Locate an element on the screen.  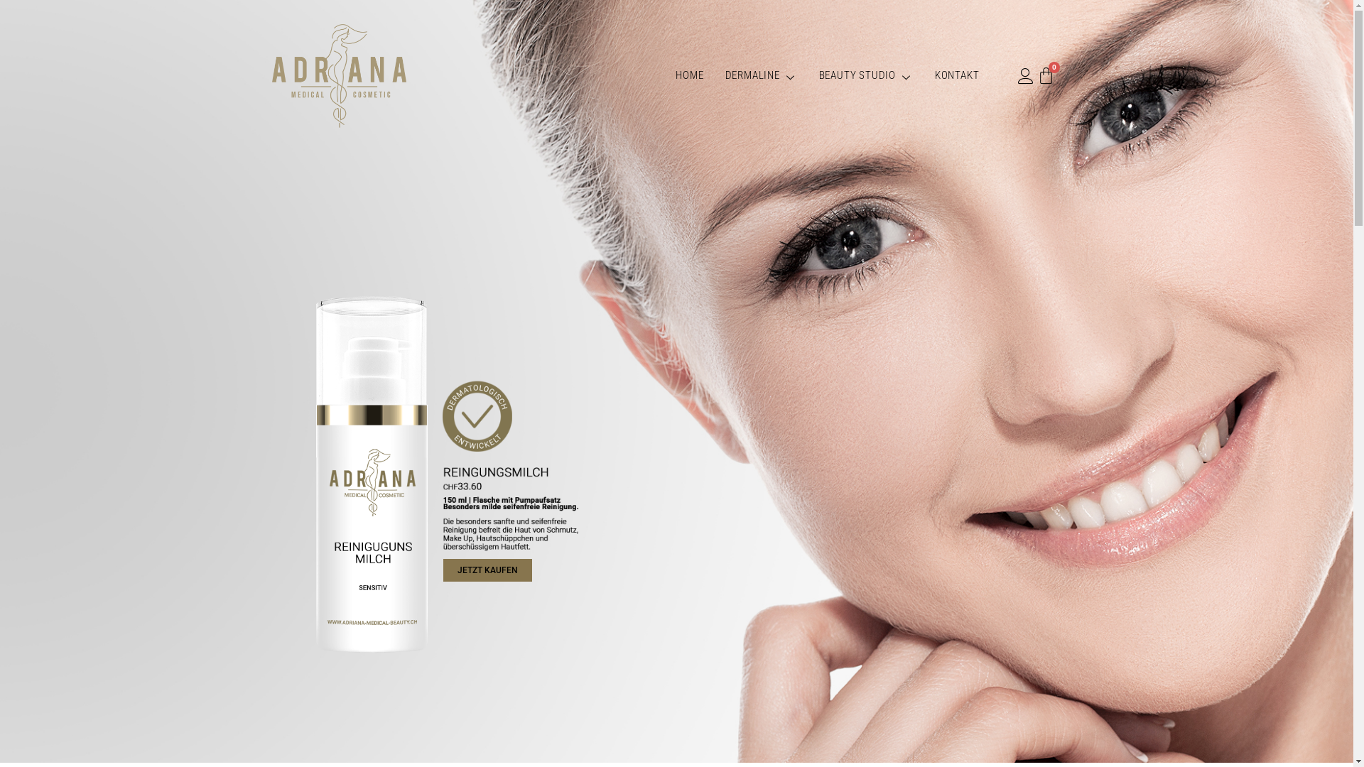
'BEAUTY STUDIO' is located at coordinates (865, 75).